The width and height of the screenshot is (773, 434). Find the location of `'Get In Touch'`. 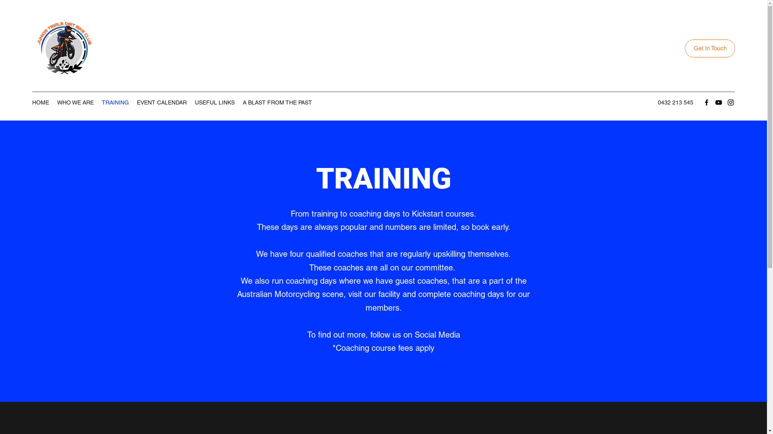

'Get In Touch' is located at coordinates (710, 48).